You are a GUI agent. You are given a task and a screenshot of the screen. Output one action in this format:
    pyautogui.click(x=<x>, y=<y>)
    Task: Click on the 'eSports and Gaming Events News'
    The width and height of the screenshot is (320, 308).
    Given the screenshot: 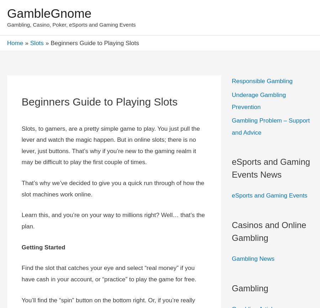 What is the action you would take?
    pyautogui.click(x=271, y=168)
    